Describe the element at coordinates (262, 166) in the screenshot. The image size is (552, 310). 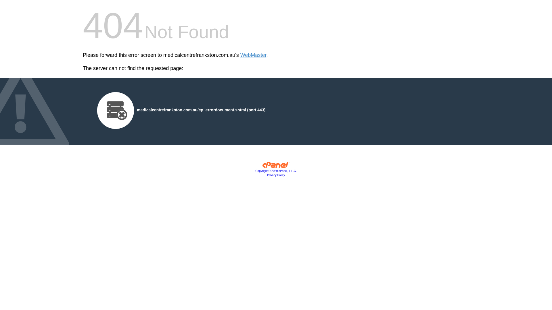
I see `'cPanel, Inc.'` at that location.